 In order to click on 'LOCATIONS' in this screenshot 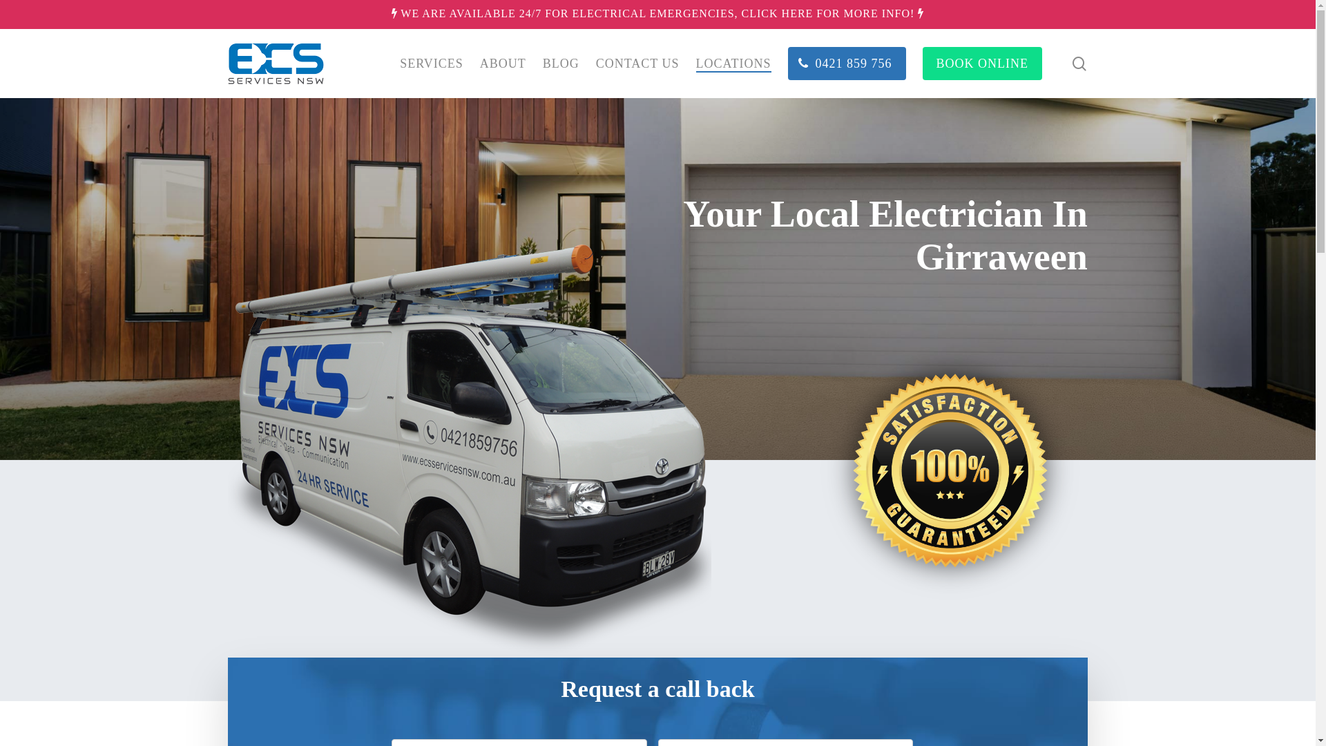, I will do `click(733, 64)`.